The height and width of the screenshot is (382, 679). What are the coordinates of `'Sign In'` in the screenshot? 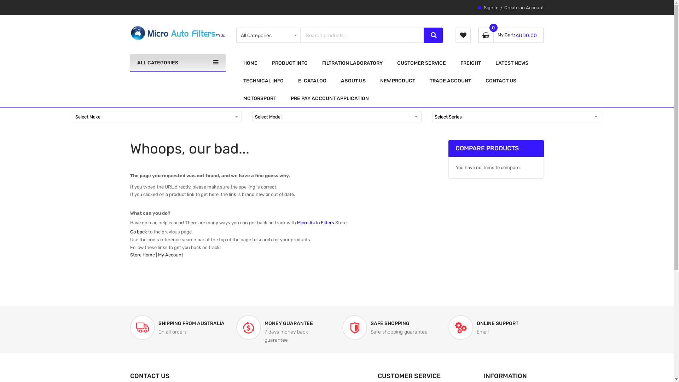 It's located at (483, 7).